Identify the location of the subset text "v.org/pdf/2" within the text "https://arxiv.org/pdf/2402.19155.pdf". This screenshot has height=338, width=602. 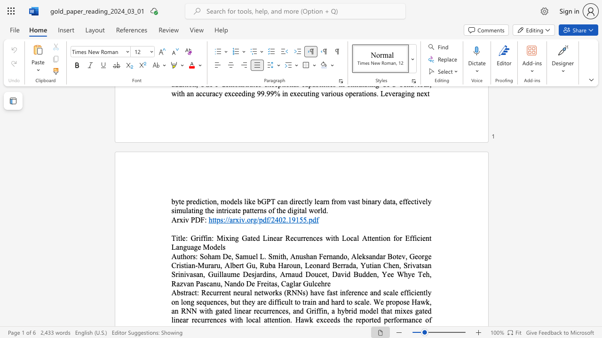
(241, 220).